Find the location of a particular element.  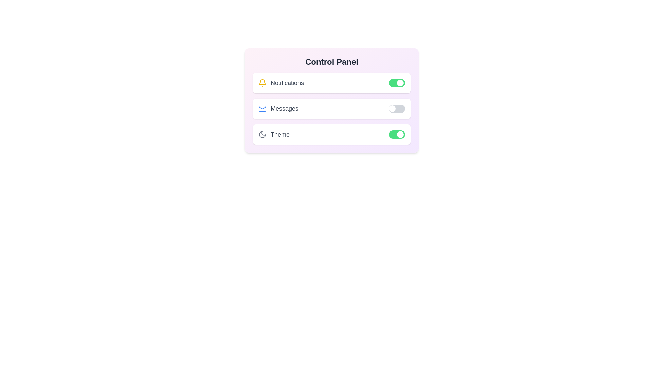

the 'Messages' label with icon in the control panel, which is located in the second row of toggle options is located at coordinates (278, 108).